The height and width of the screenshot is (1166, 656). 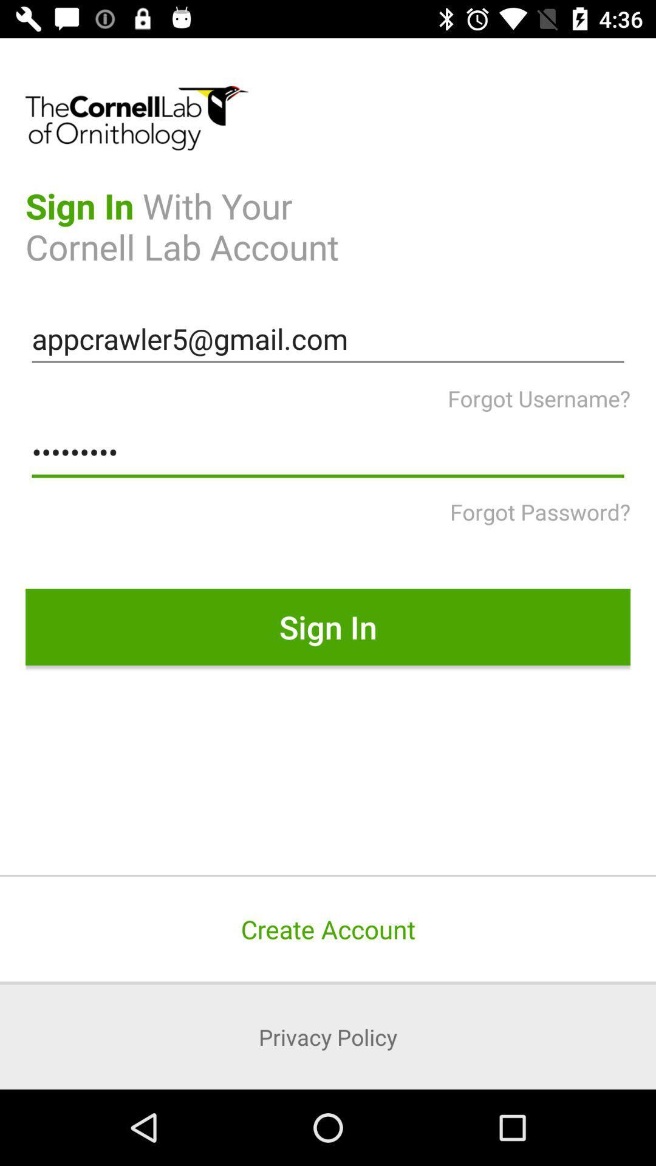 I want to click on the item above forgot username? item, so click(x=328, y=339).